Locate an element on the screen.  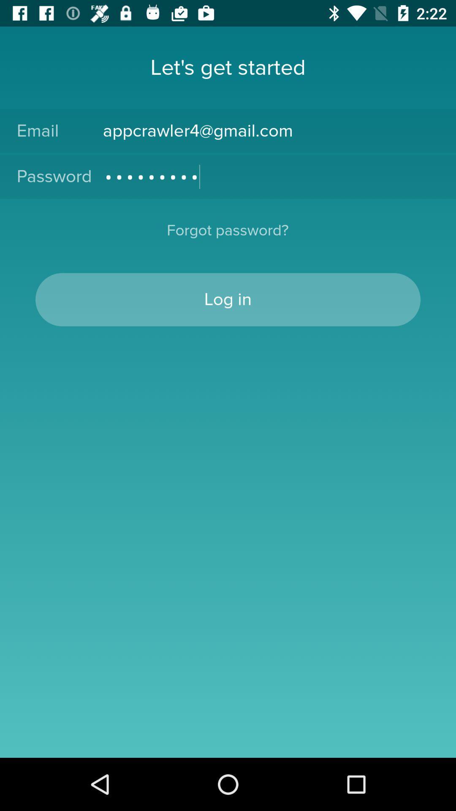
the forgot password? is located at coordinates (227, 236).